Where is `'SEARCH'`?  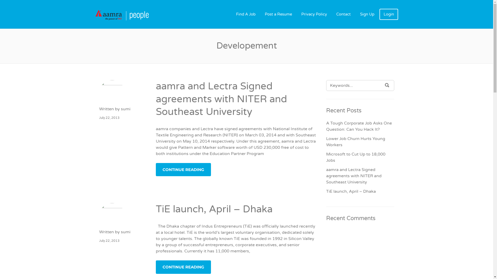
'SEARCH' is located at coordinates (387, 85).